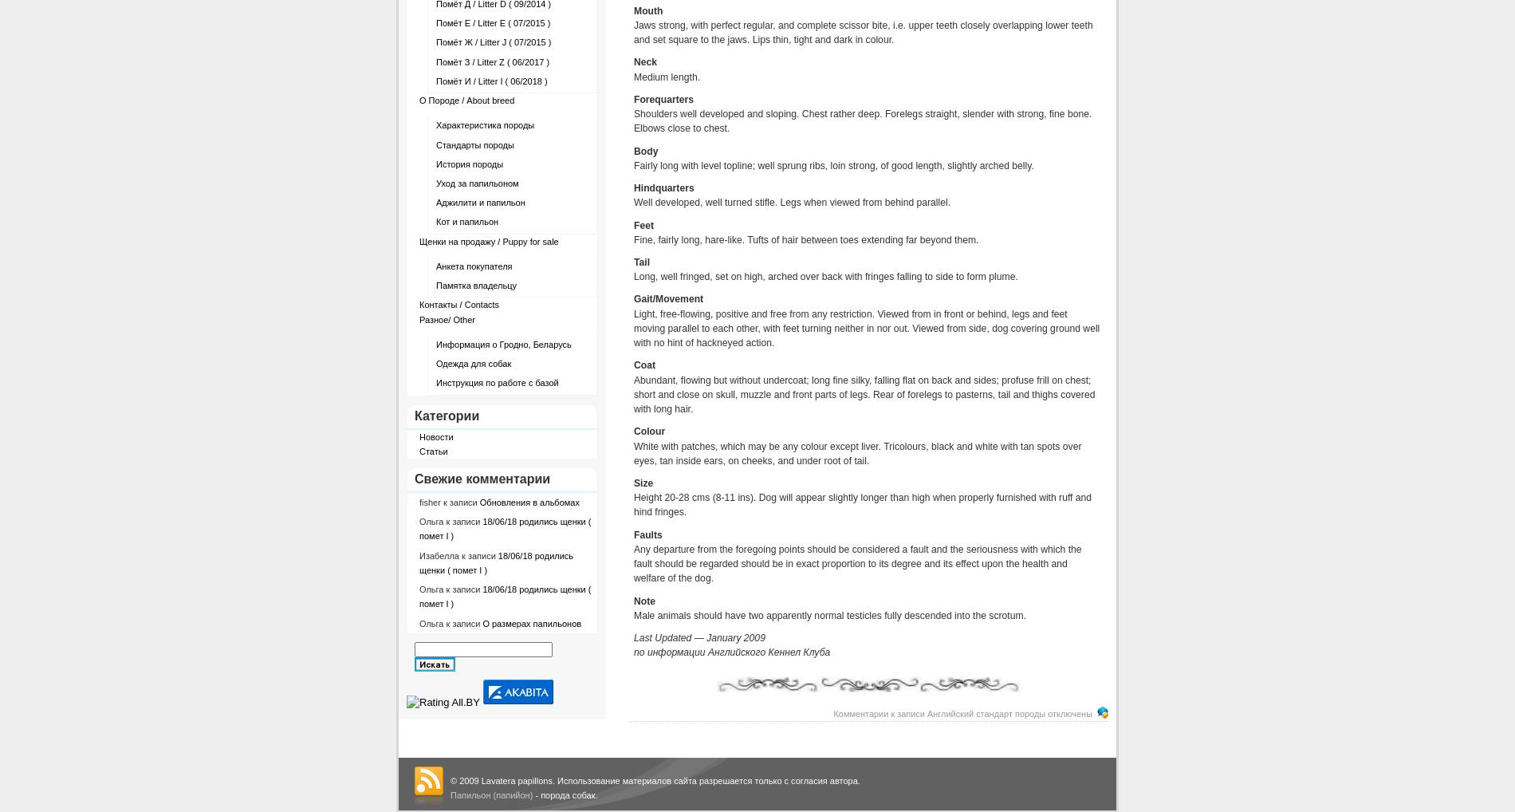 The image size is (1515, 812). I want to click on 'Height 20-28 cms (8-11 ins). Dog will appear slightly longer than high when properly furnished with ruff and hind fringes.', so click(863, 503).